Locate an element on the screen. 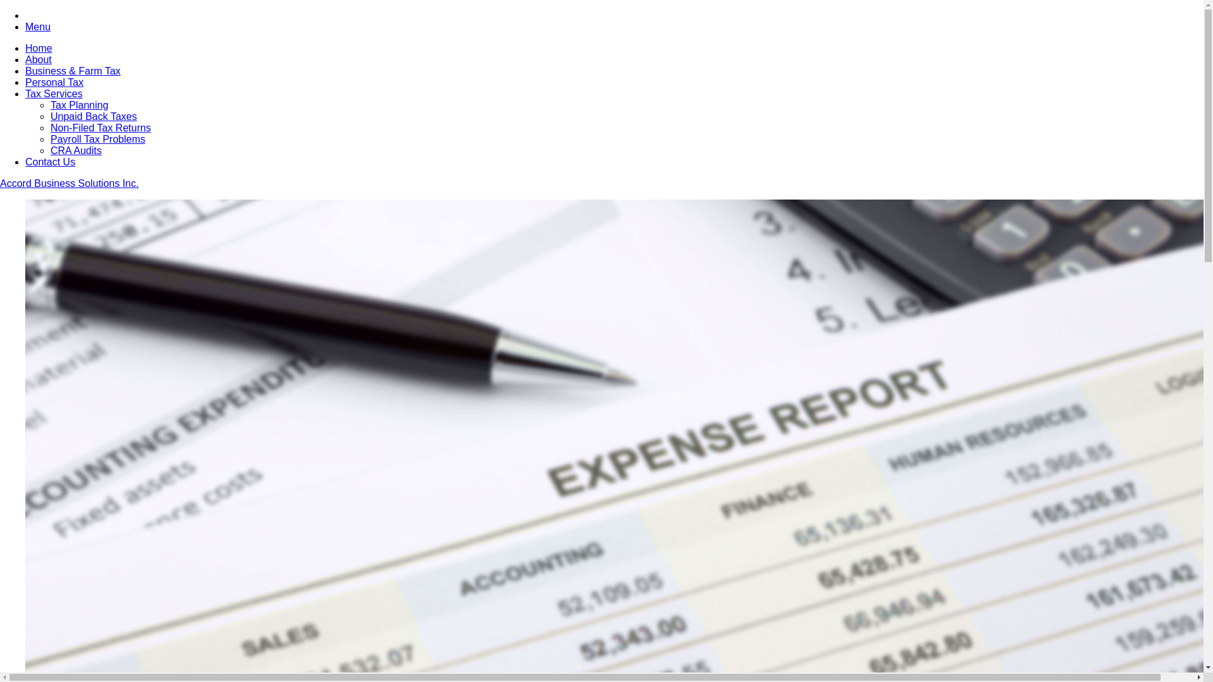 Image resolution: width=1213 pixels, height=682 pixels. 'Non-Filed Tax Returns' is located at coordinates (51, 128).